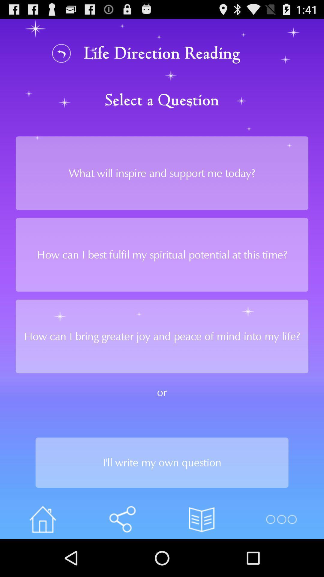 This screenshot has width=324, height=577. What do you see at coordinates (61, 53) in the screenshot?
I see `refresh` at bounding box center [61, 53].